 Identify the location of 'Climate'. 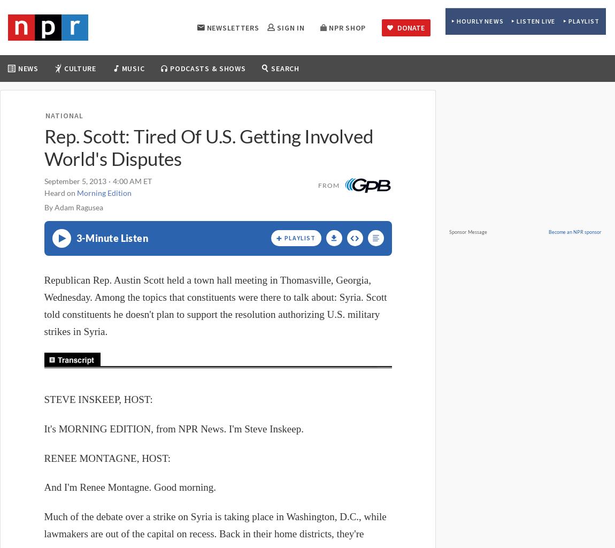
(37, 174).